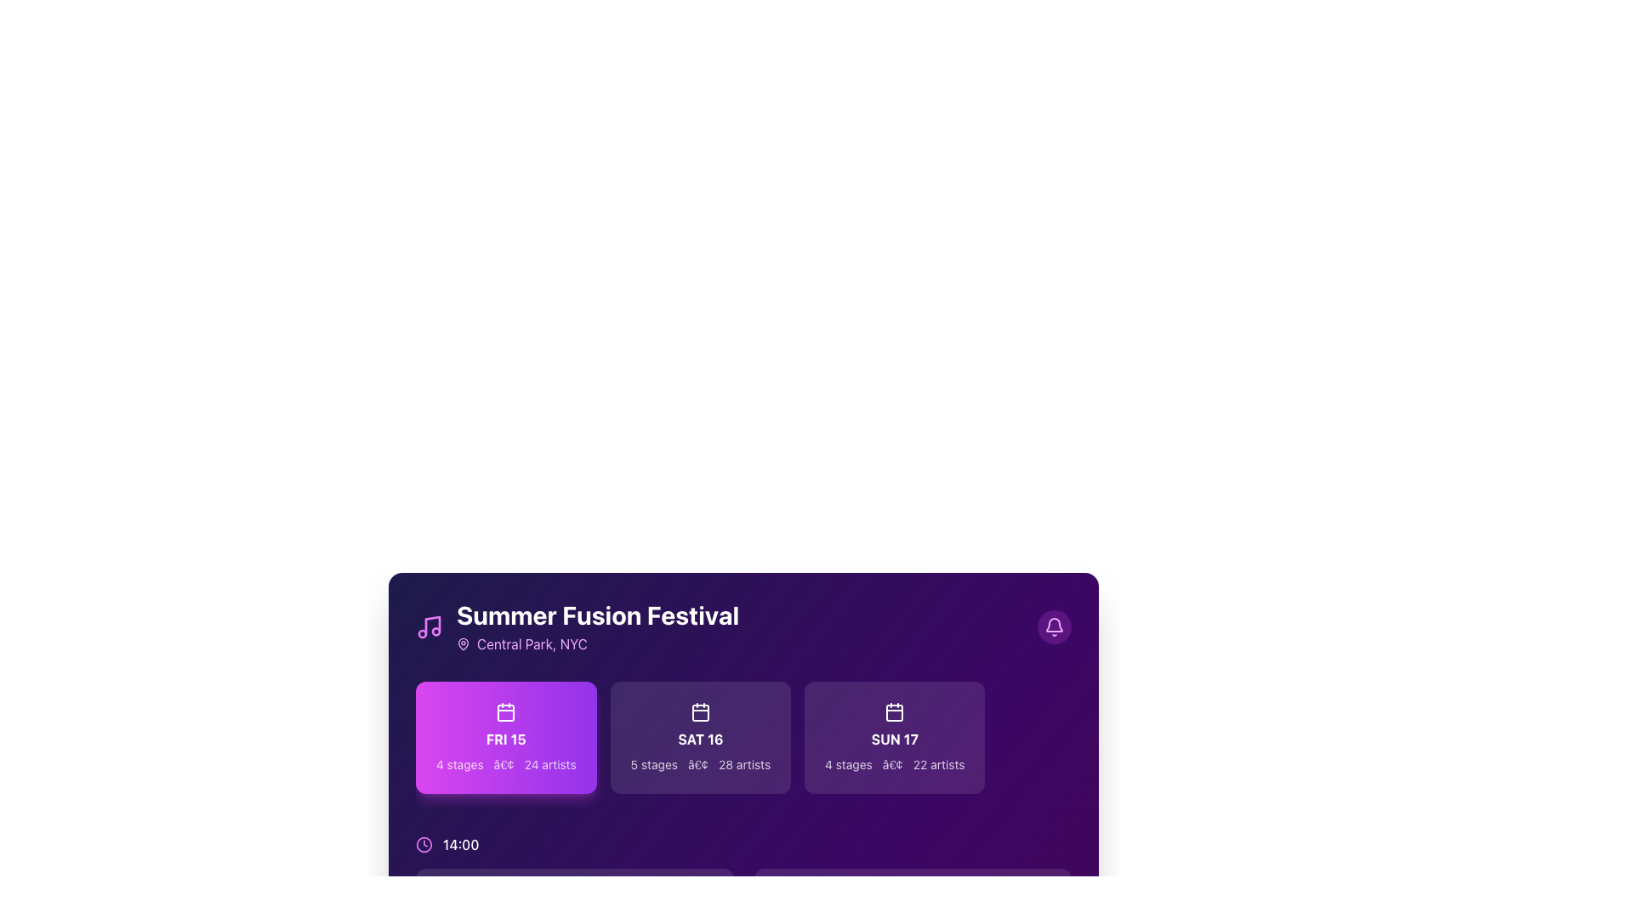 The width and height of the screenshot is (1633, 918). What do you see at coordinates (849, 763) in the screenshot?
I see `the text label displaying '4 stages' located in the bottom left part of the card titled 'SUN 17', positioned to the left of the bullet symbol and the text '22 artists'` at bounding box center [849, 763].